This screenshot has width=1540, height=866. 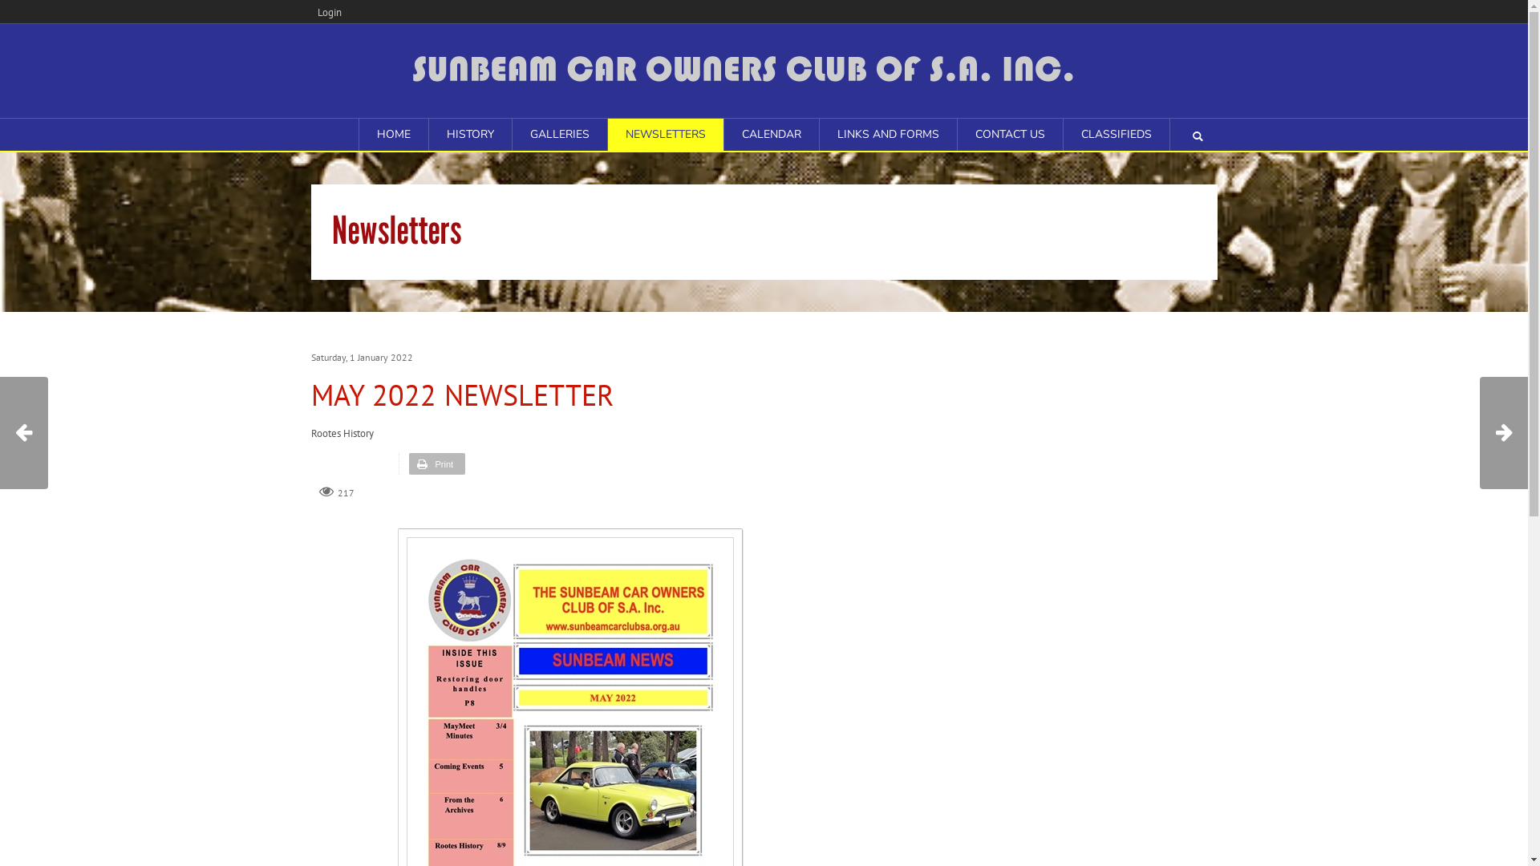 I want to click on 'CALENDAR', so click(x=723, y=134).